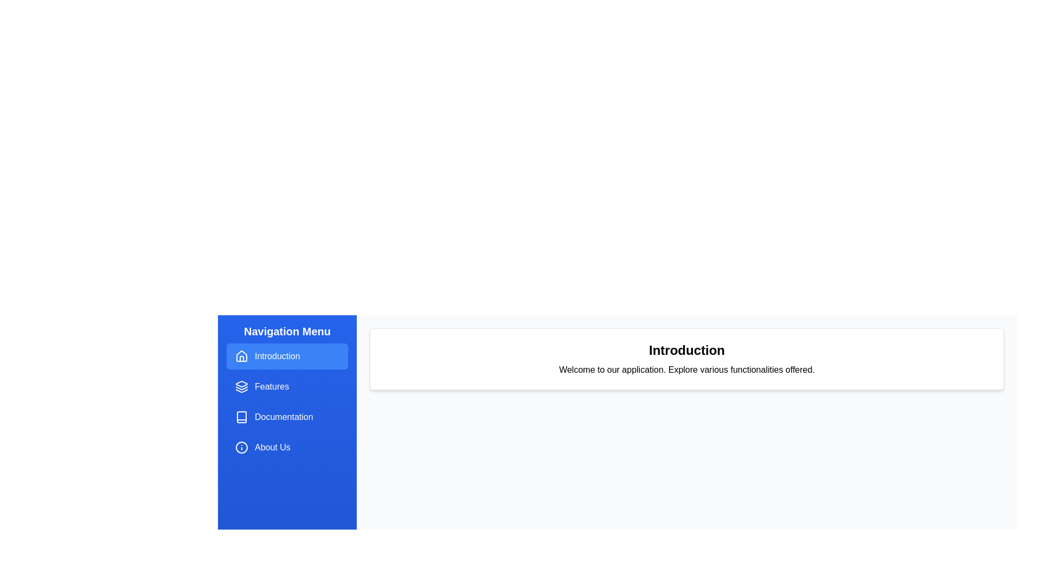 The width and height of the screenshot is (1041, 586). I want to click on keyboard navigation, so click(241, 386).